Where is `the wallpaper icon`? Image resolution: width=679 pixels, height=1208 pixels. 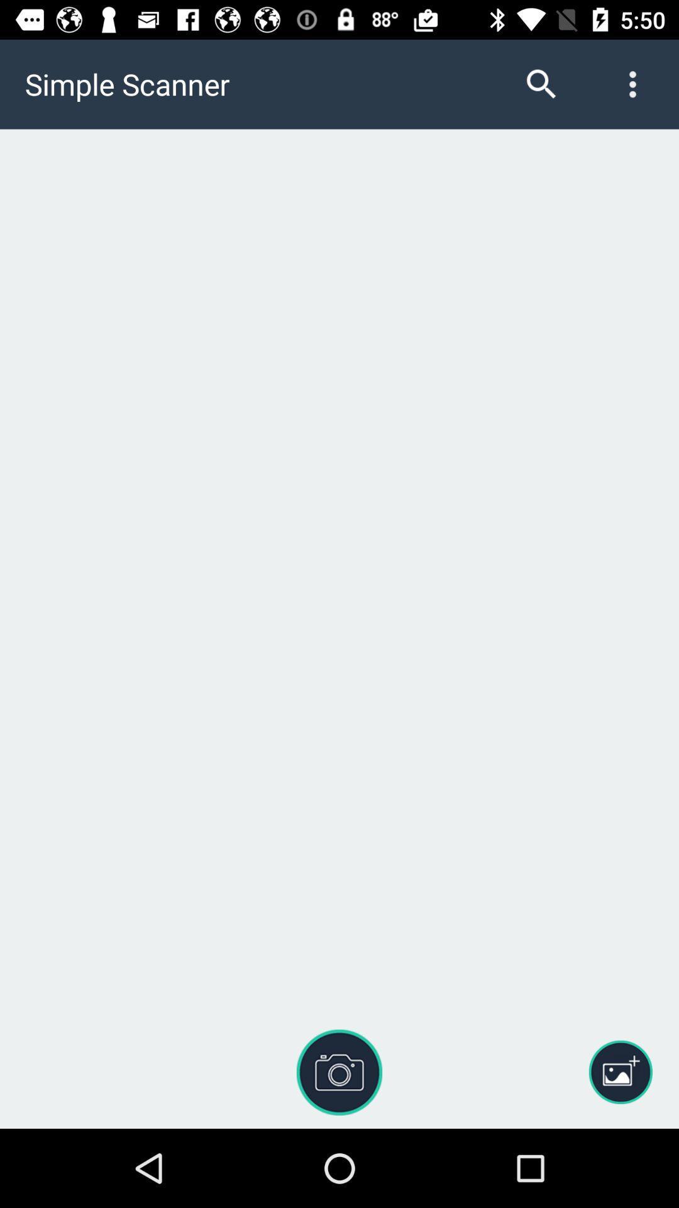 the wallpaper icon is located at coordinates (620, 1071).